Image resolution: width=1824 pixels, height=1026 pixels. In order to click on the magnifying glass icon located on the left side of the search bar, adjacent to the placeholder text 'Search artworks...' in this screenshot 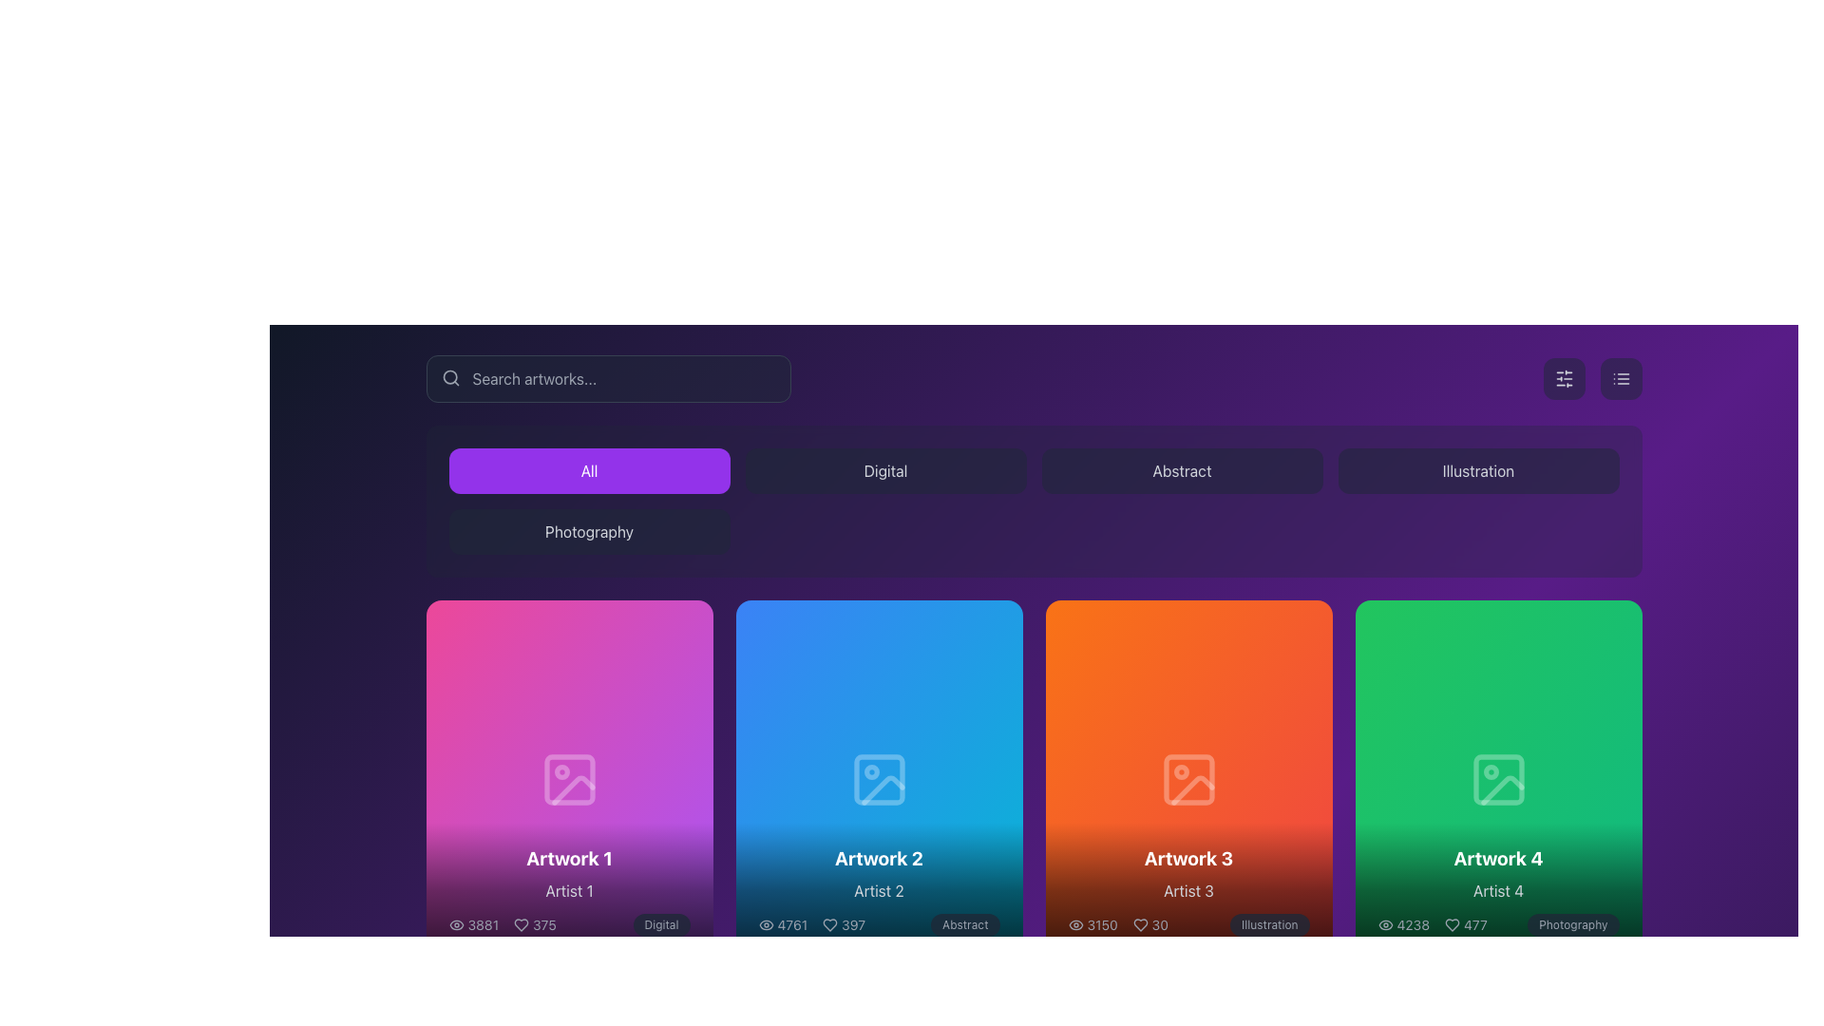, I will do `click(449, 377)`.